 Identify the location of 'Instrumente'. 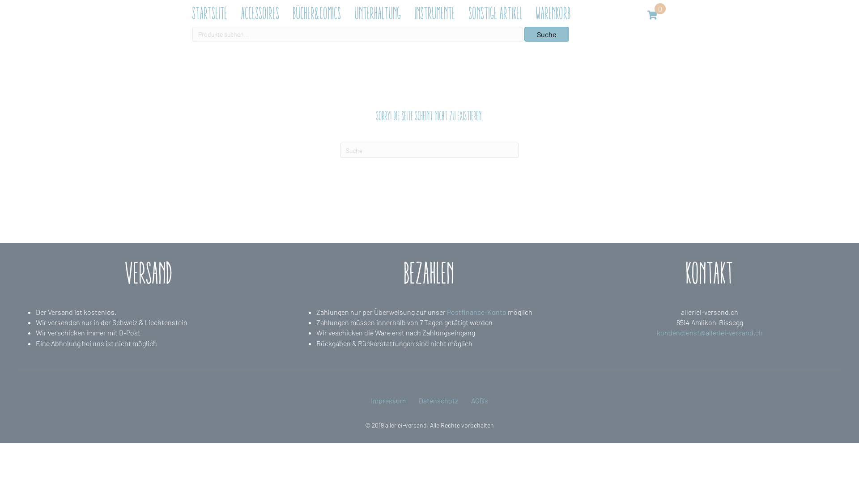
(409, 13).